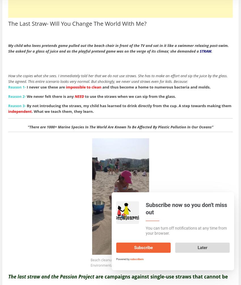  What do you see at coordinates (79, 96) in the screenshot?
I see `'NEED'` at bounding box center [79, 96].